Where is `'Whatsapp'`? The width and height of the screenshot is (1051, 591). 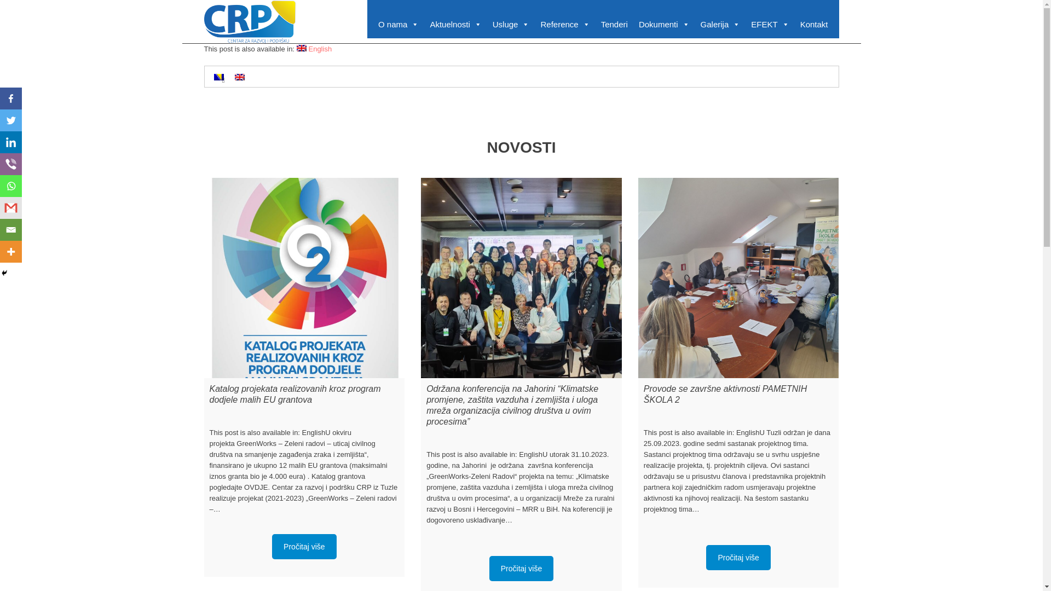
'Whatsapp' is located at coordinates (10, 185).